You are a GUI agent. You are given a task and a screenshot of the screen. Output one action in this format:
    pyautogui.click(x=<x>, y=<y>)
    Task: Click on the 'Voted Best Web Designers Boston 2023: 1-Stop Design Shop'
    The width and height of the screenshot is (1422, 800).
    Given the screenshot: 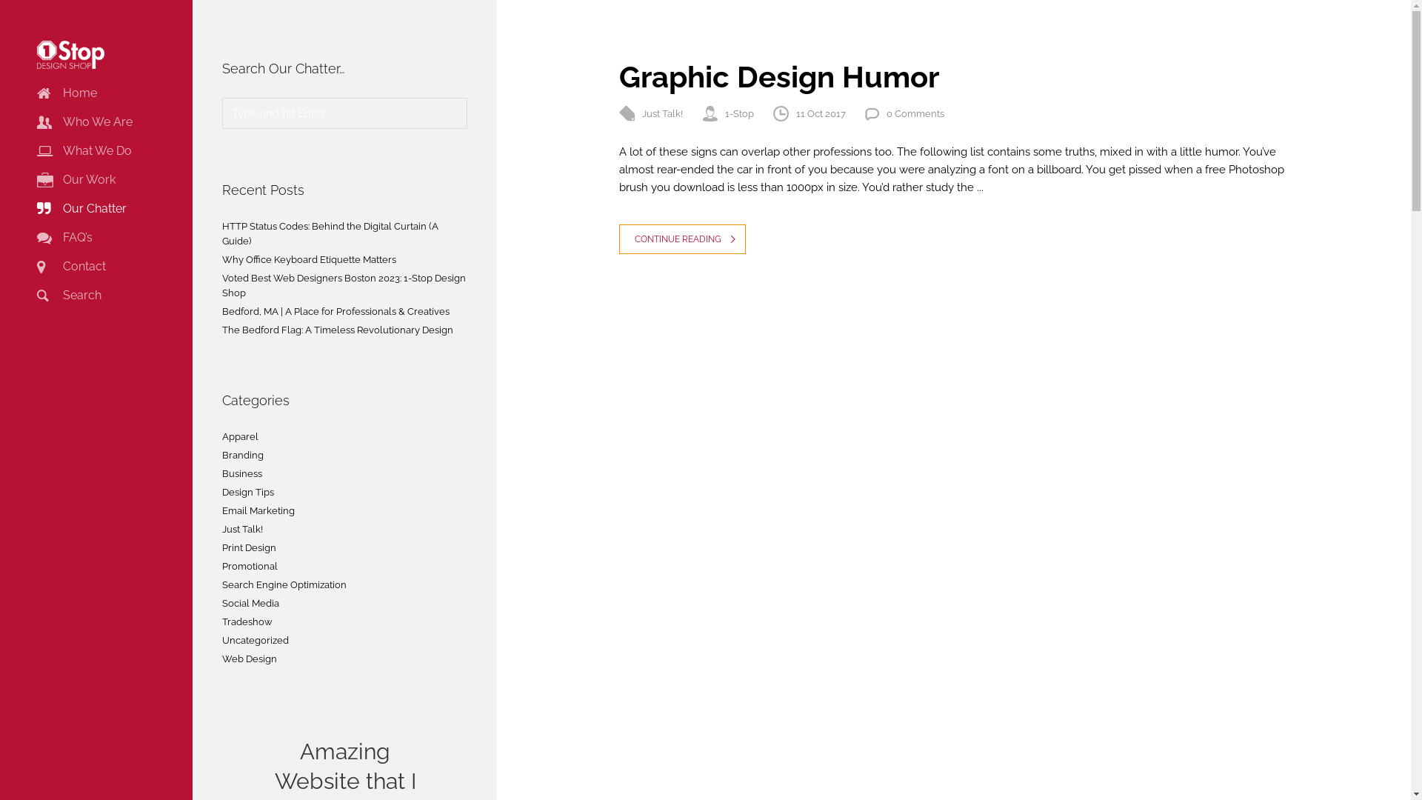 What is the action you would take?
    pyautogui.click(x=343, y=285)
    